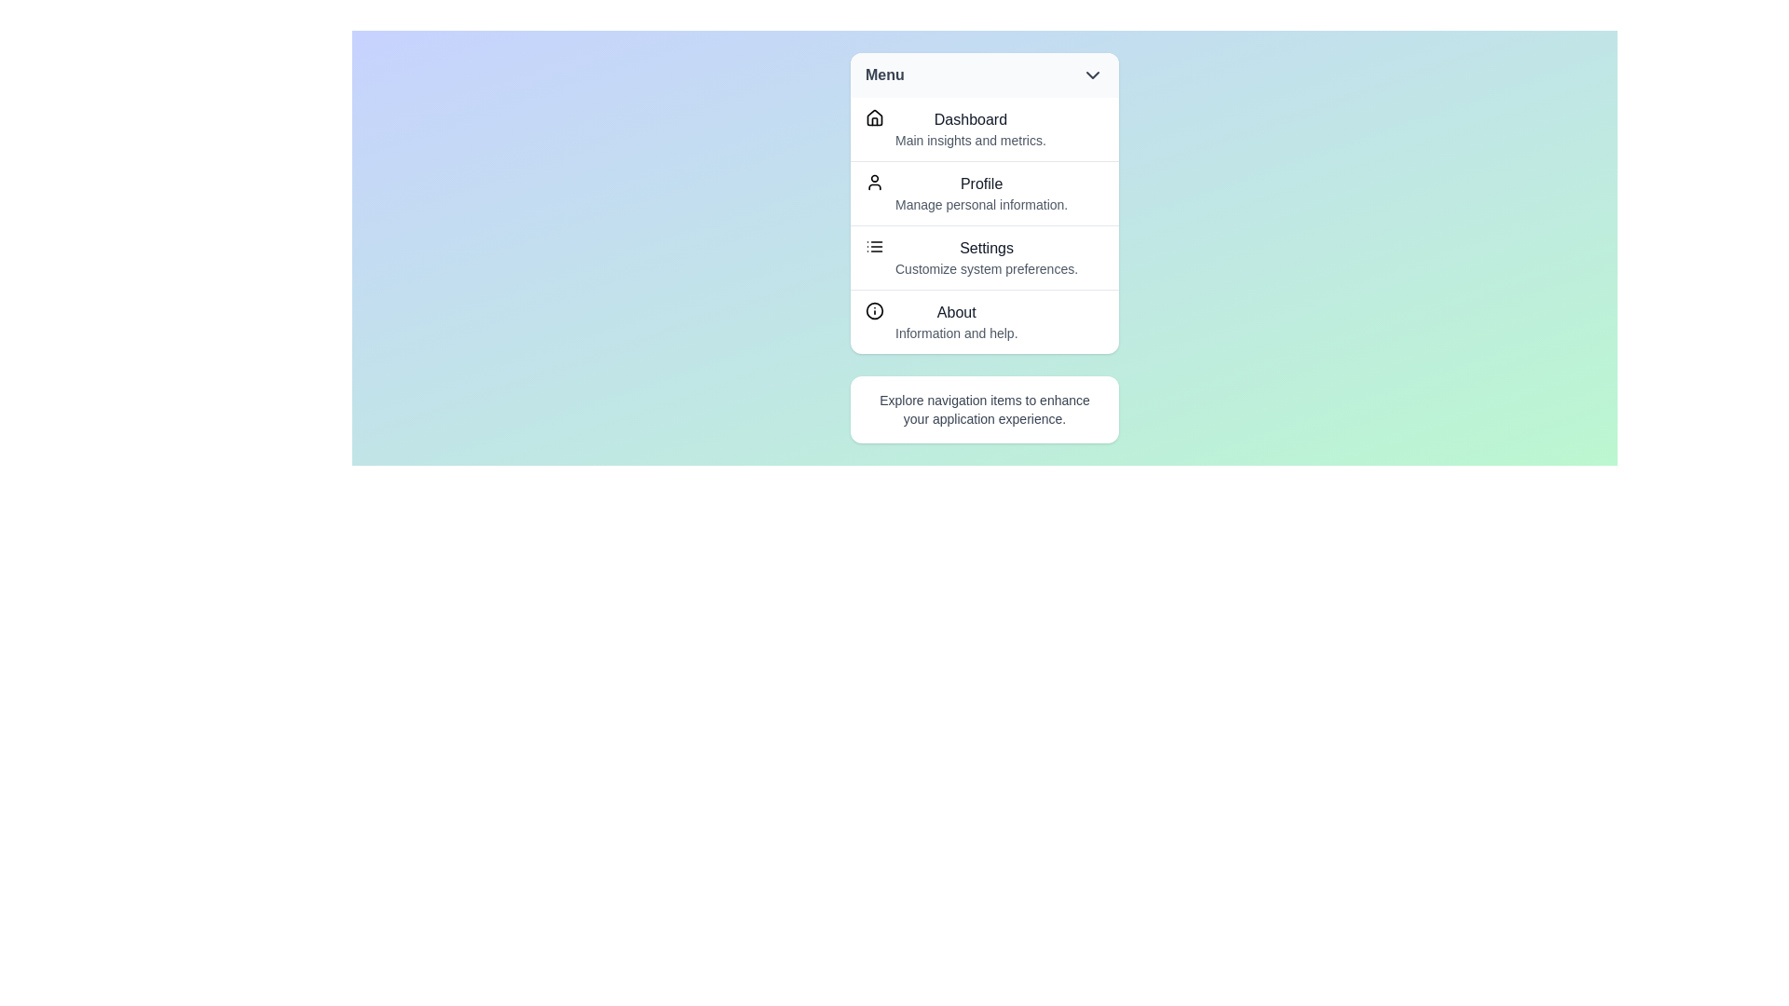  Describe the element at coordinates (983, 193) in the screenshot. I see `the menu item labeled Profile to preview its details` at that location.